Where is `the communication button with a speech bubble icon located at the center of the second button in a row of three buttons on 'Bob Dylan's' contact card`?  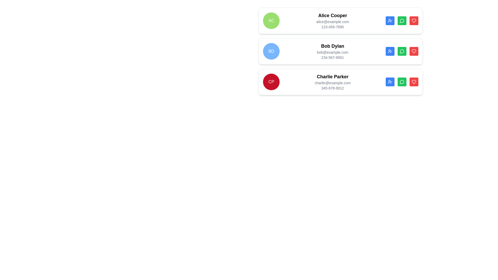 the communication button with a speech bubble icon located at the center of the second button in a row of three buttons on 'Bob Dylan's' contact card is located at coordinates (402, 51).